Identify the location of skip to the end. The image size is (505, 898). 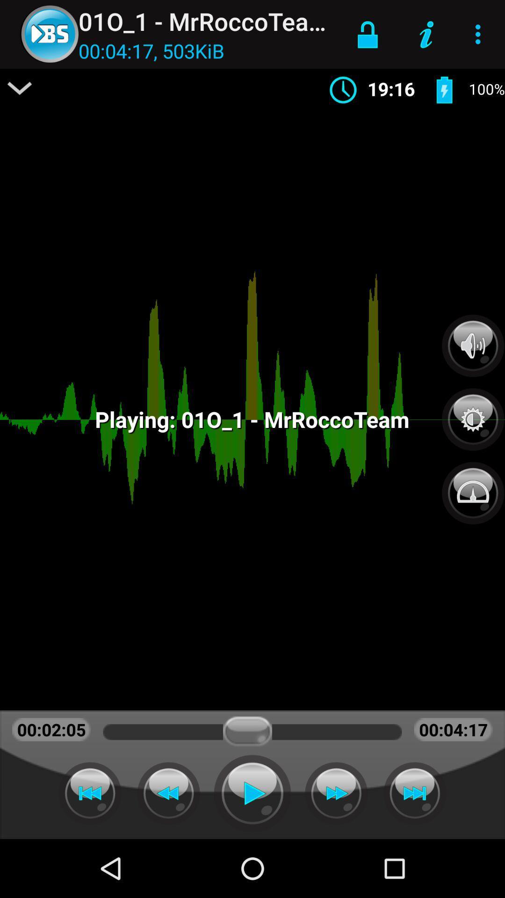
(414, 793).